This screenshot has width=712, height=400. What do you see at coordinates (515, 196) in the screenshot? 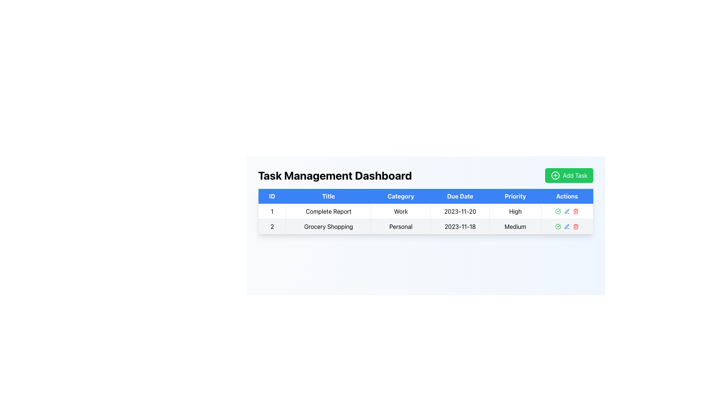
I see `the fifth header label in the table, which is positioned between the 'Due Date' and 'Actions' headers` at bounding box center [515, 196].